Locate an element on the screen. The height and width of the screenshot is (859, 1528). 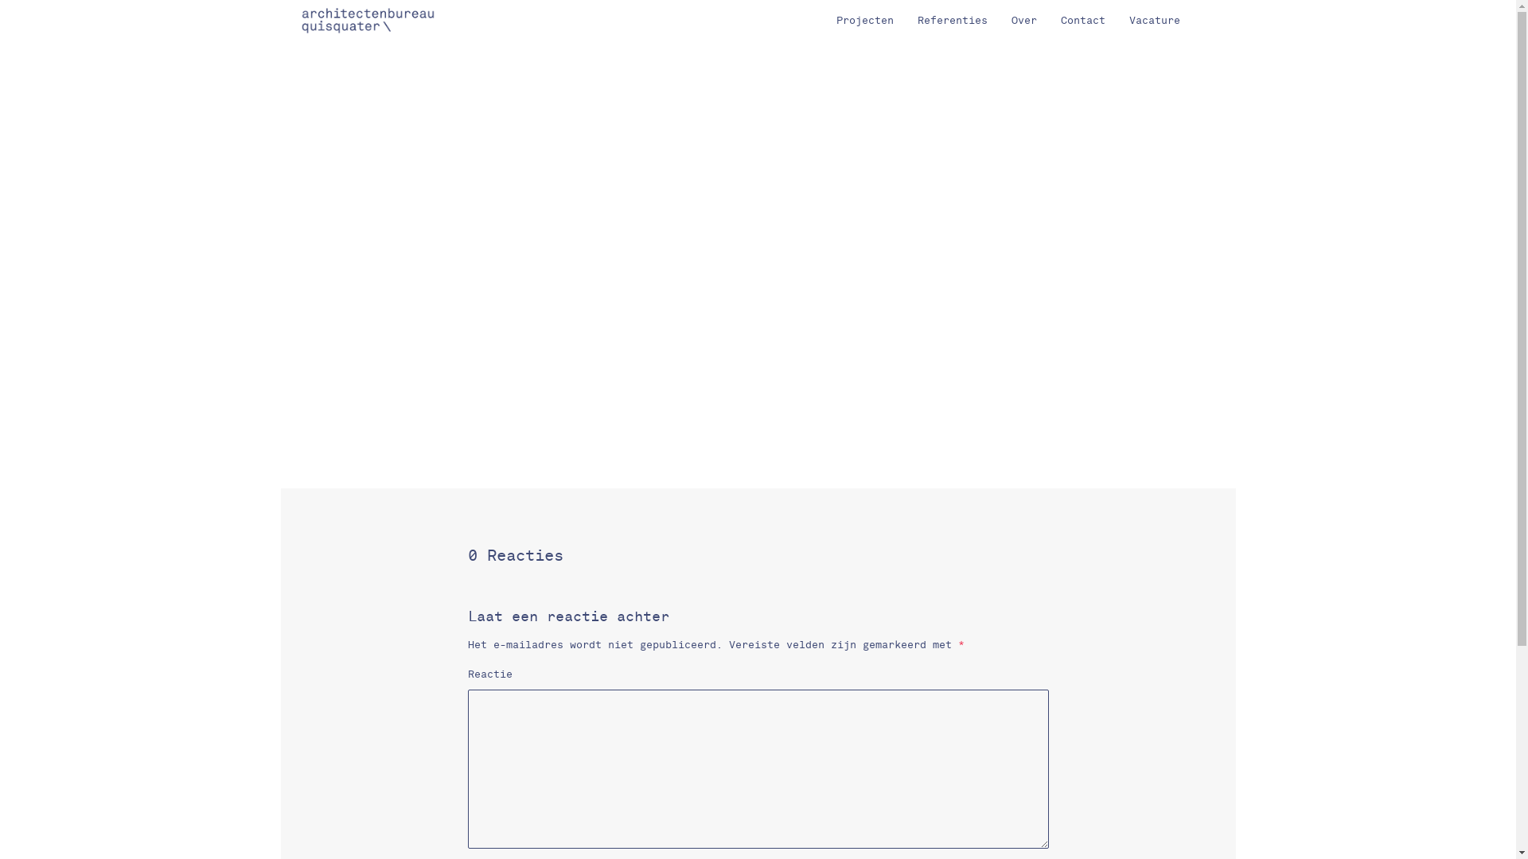
'Projecten' is located at coordinates (863, 21).